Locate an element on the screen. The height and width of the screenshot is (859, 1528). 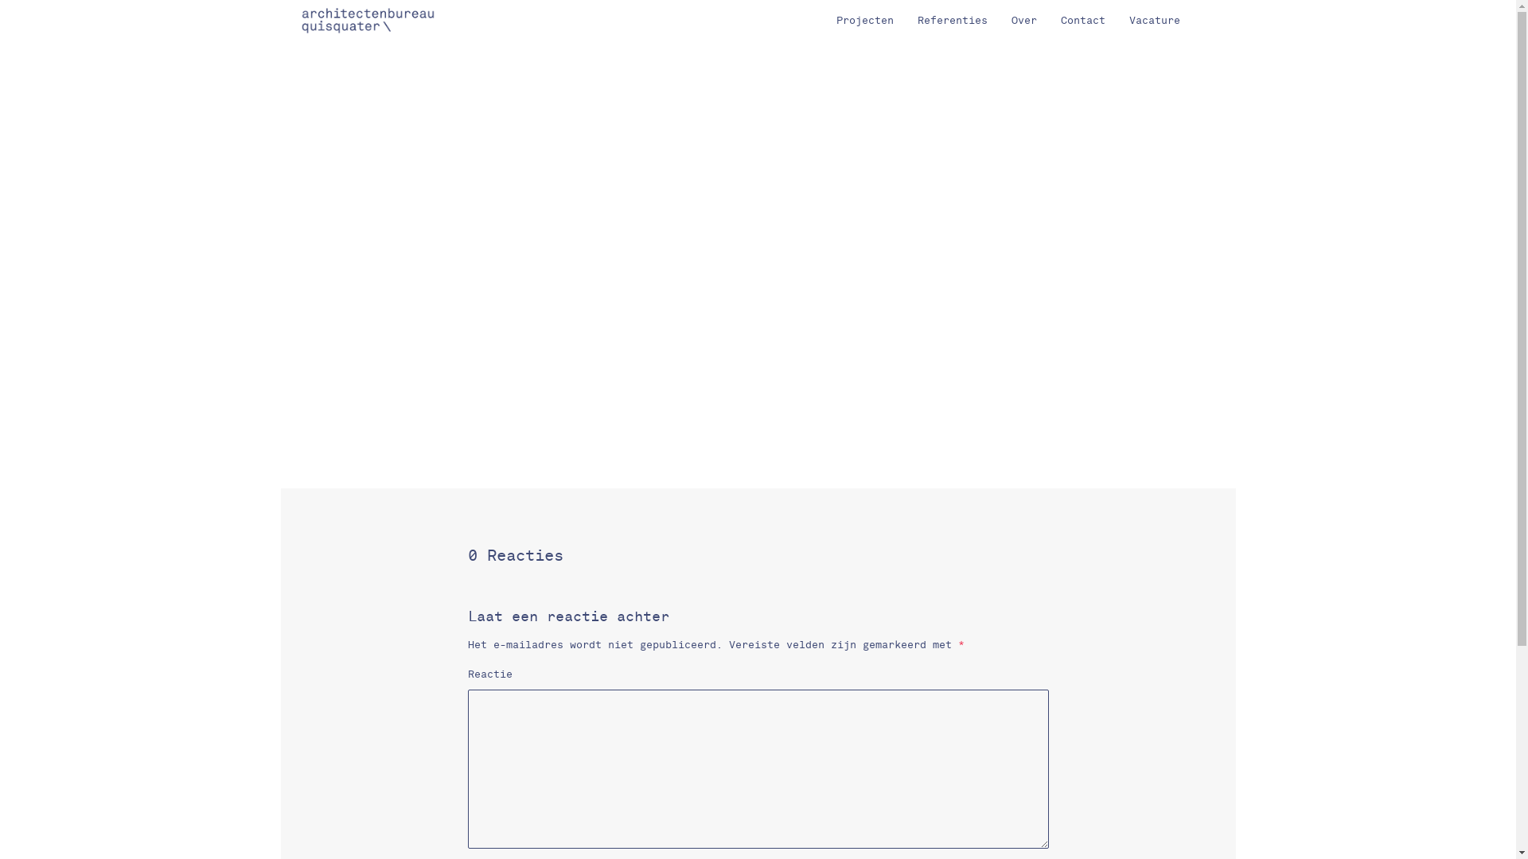
'Projecten' is located at coordinates (863, 21).